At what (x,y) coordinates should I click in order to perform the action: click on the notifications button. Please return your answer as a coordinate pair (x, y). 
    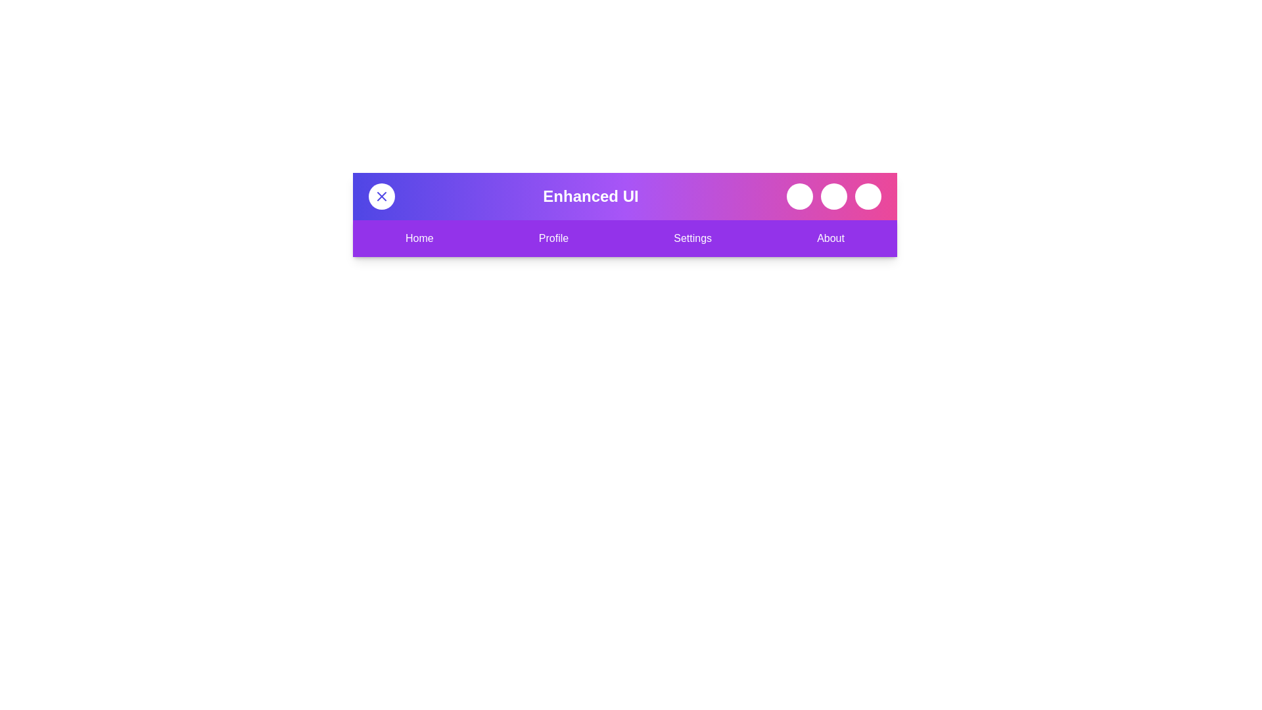
    Looking at the image, I should click on (833, 197).